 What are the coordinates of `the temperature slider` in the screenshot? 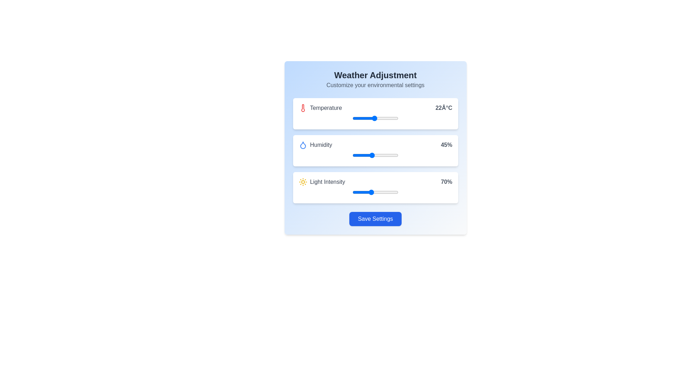 It's located at (364, 118).